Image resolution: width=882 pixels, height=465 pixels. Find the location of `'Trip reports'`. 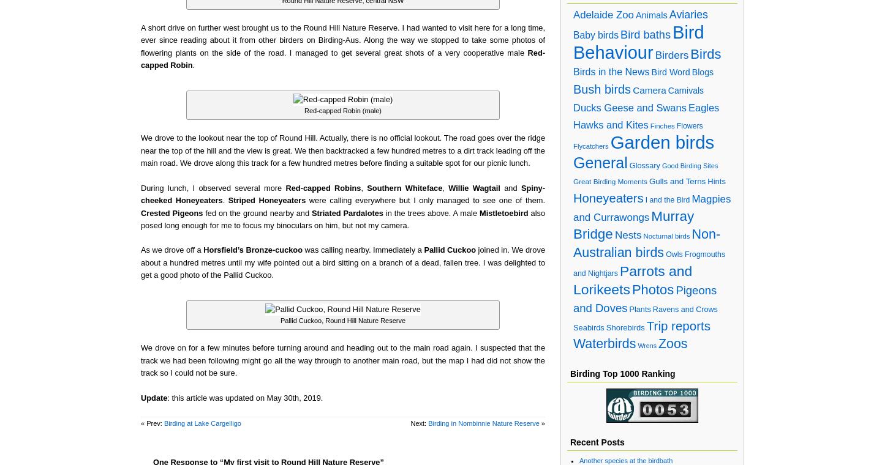

'Trip reports' is located at coordinates (646, 325).